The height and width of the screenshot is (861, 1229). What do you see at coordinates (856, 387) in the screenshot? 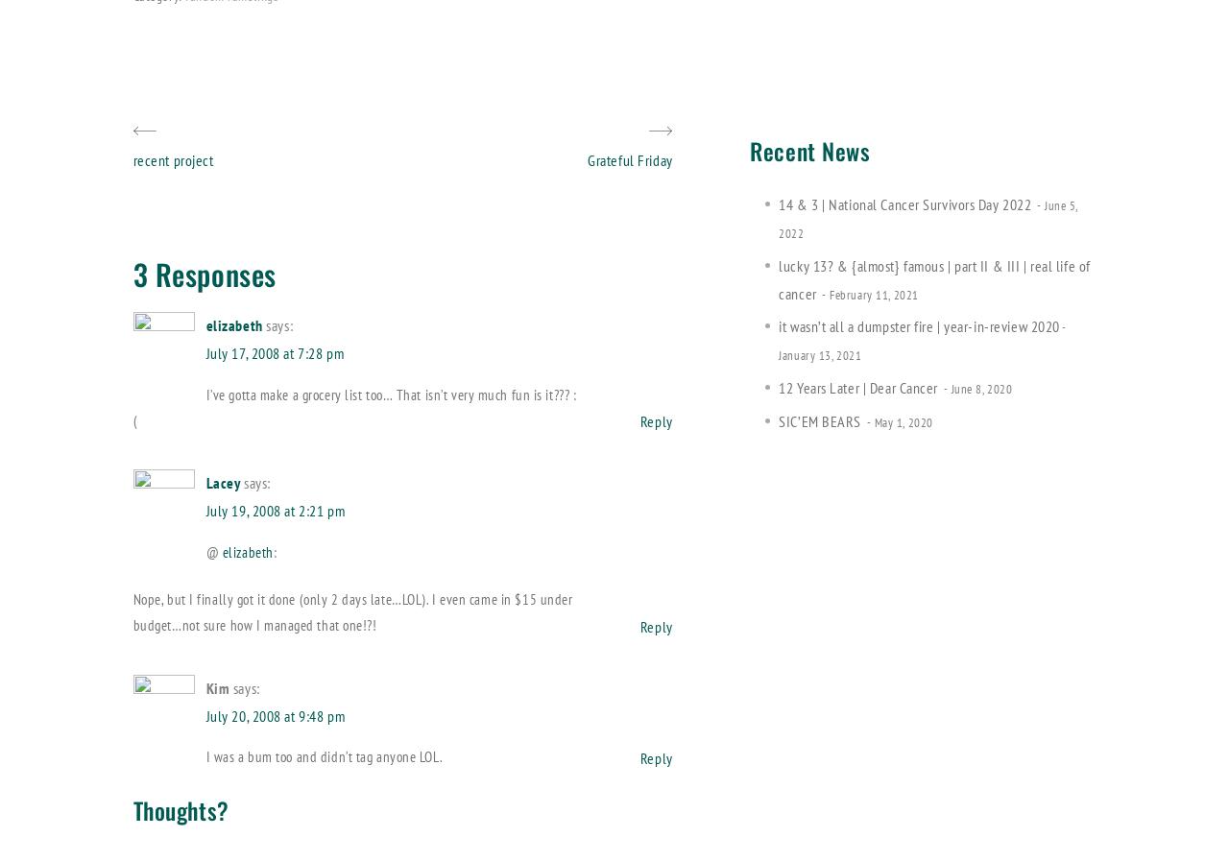
I see `'12 Years Later | Dear Cancer'` at bounding box center [856, 387].